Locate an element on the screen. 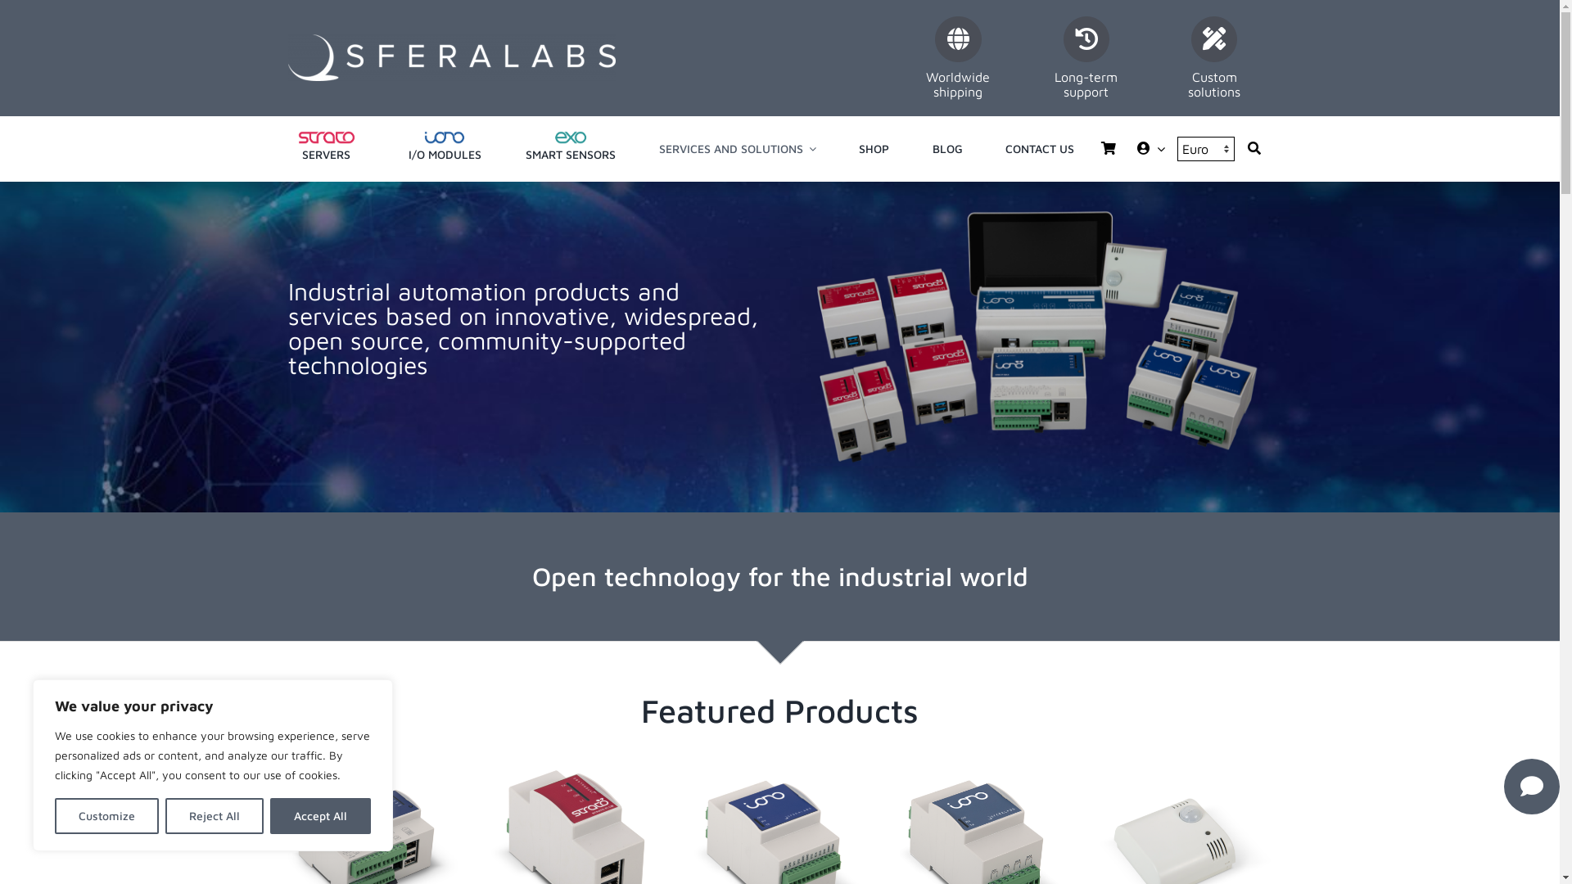 The width and height of the screenshot is (1572, 884). 'SERVERS' is located at coordinates (326, 148).